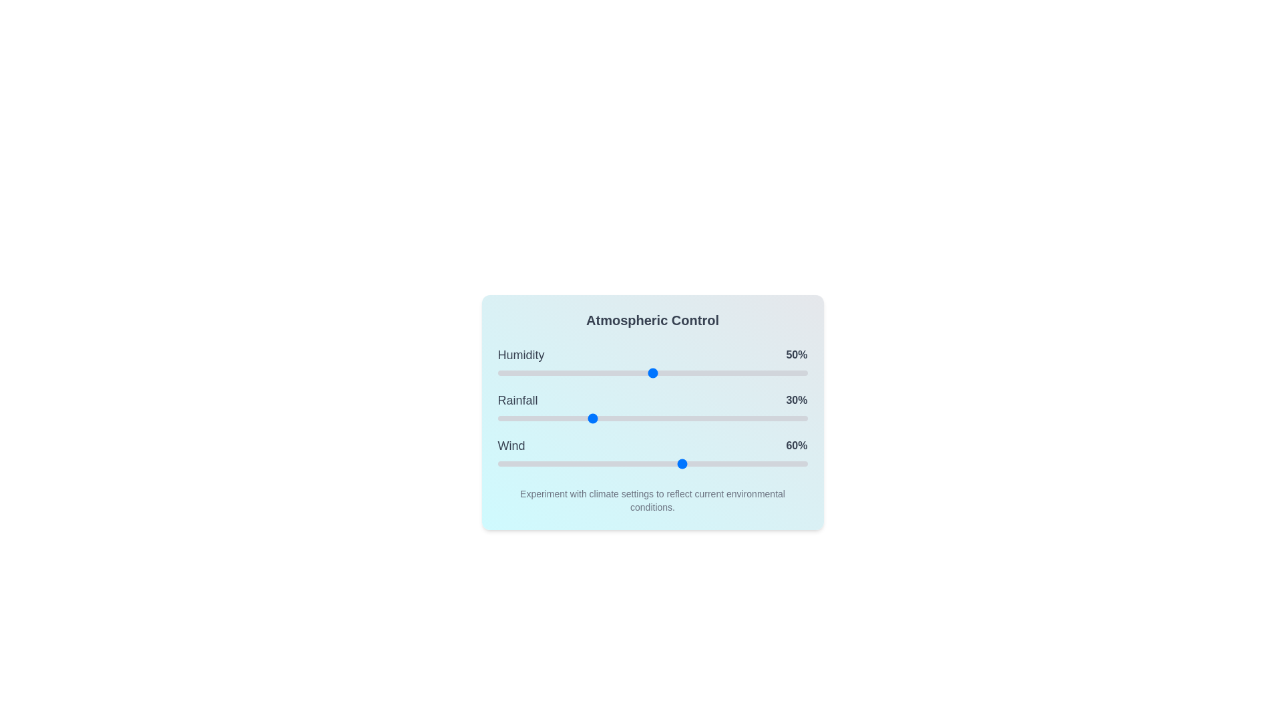 This screenshot has height=721, width=1282. Describe the element at coordinates (656, 373) in the screenshot. I see `the 0 slider to 51%` at that location.